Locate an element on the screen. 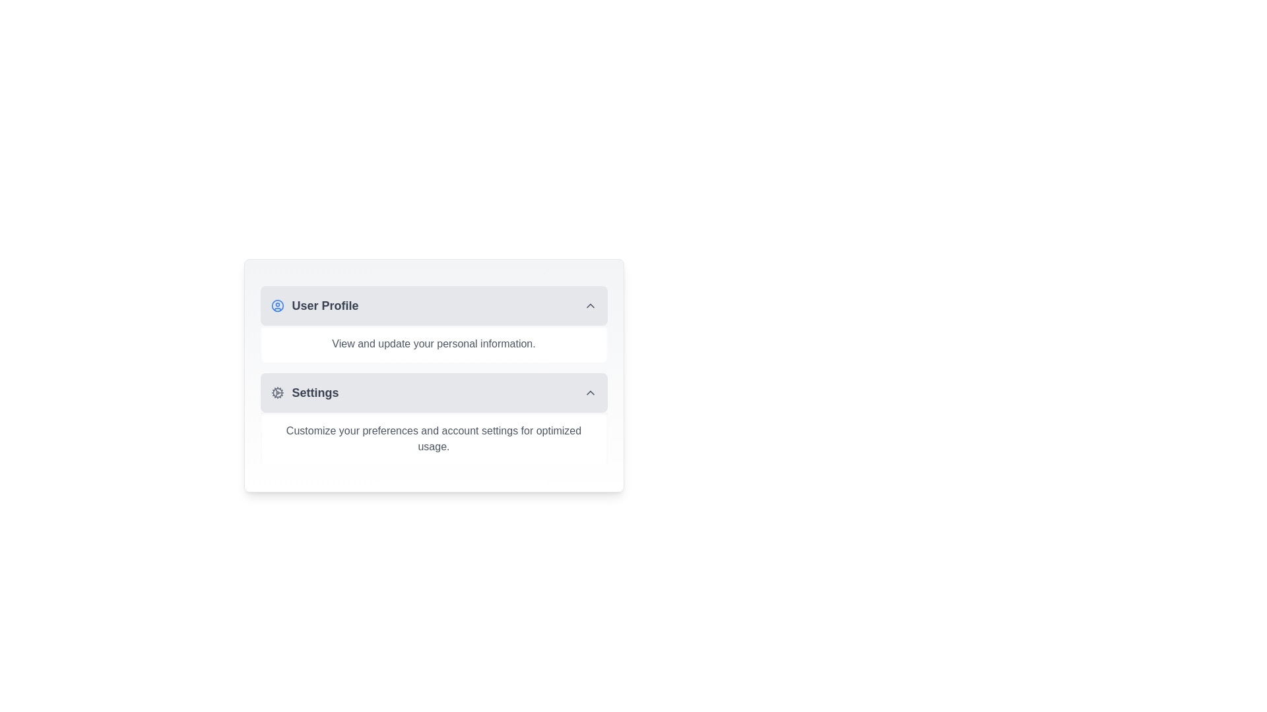 The width and height of the screenshot is (1267, 712). the chevron-up icon located at the far right side of the 'User Profile' header section, adjacent to the text 'User Profile' is located at coordinates (589, 305).